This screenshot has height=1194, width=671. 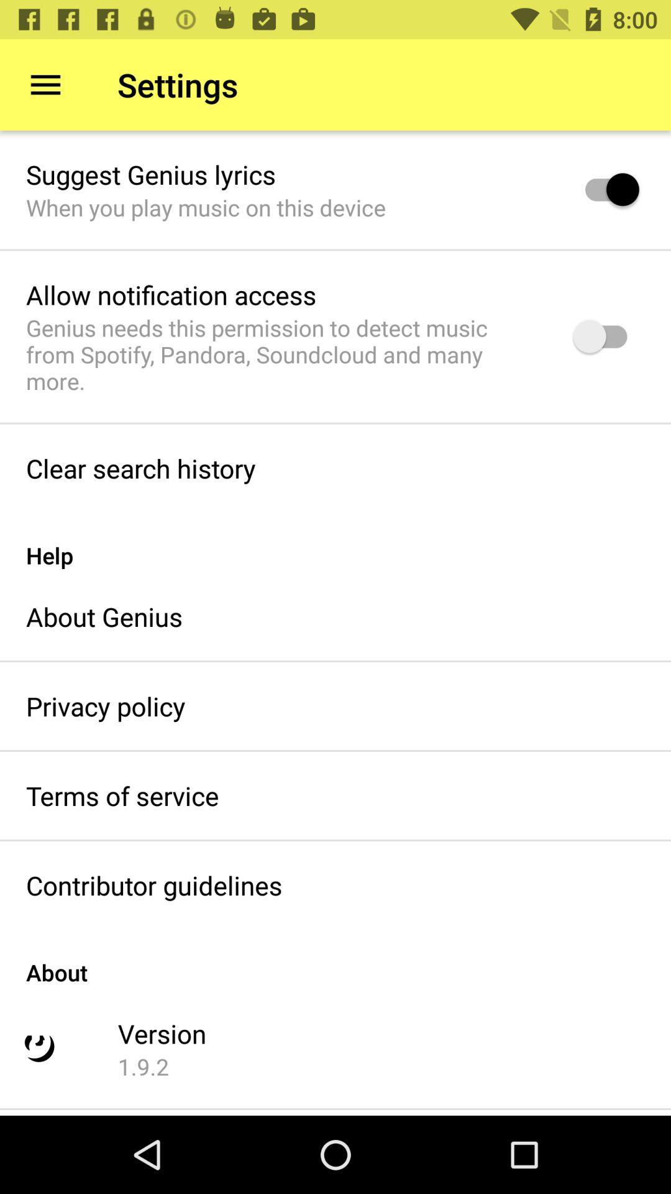 I want to click on suggest genius lyrics icon, so click(x=150, y=174).